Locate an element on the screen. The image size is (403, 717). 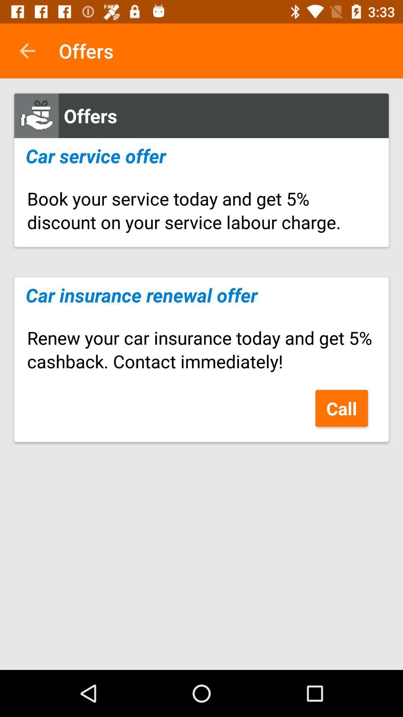
the icon below renew your car item is located at coordinates (341, 408).